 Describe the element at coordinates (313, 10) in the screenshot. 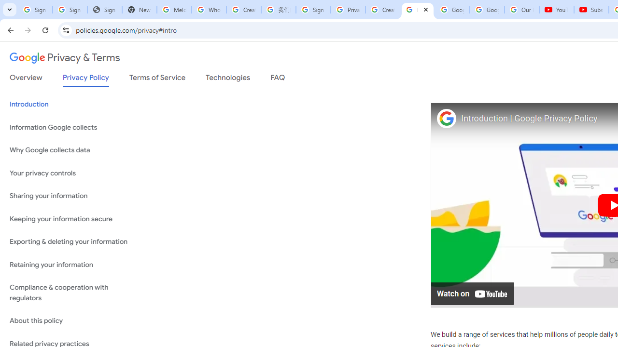

I see `'Sign in - Google Accounts'` at that location.